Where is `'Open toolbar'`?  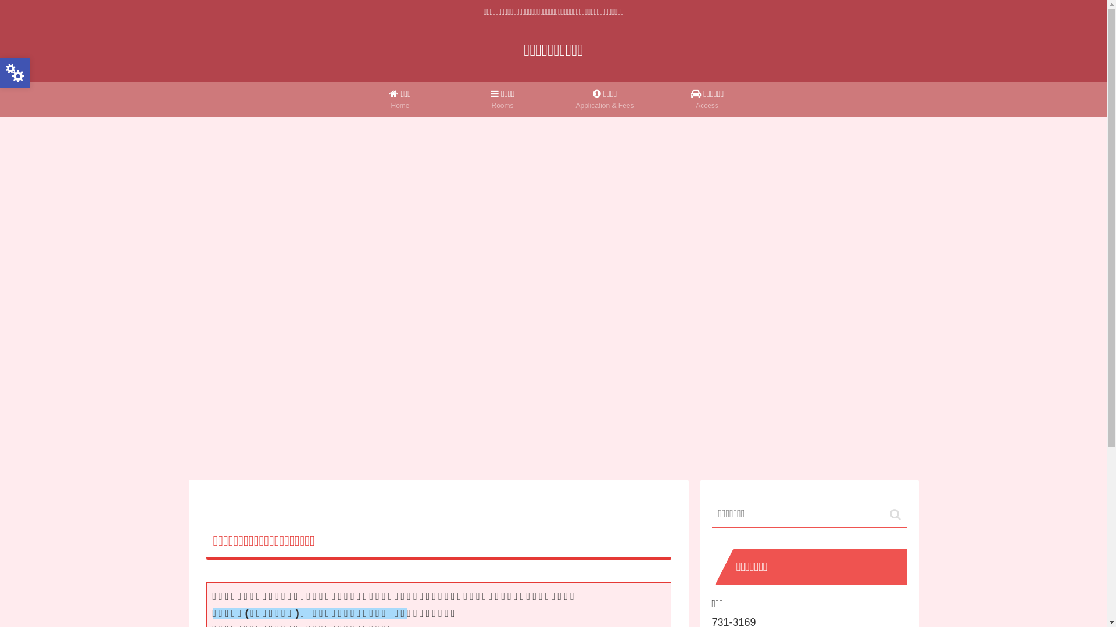
'Open toolbar' is located at coordinates (15, 73).